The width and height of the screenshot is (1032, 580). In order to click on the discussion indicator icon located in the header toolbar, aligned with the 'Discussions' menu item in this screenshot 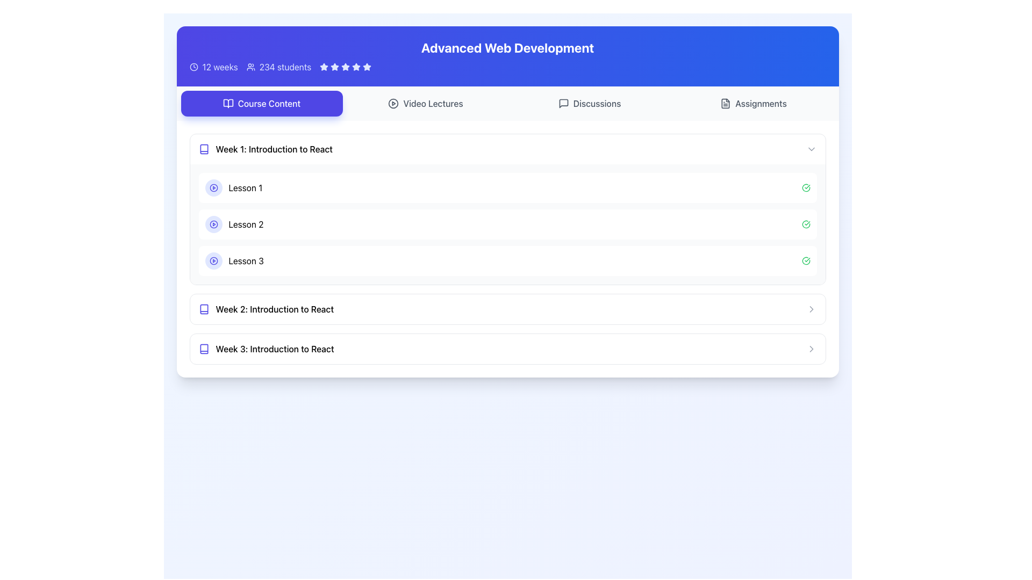, I will do `click(563, 103)`.